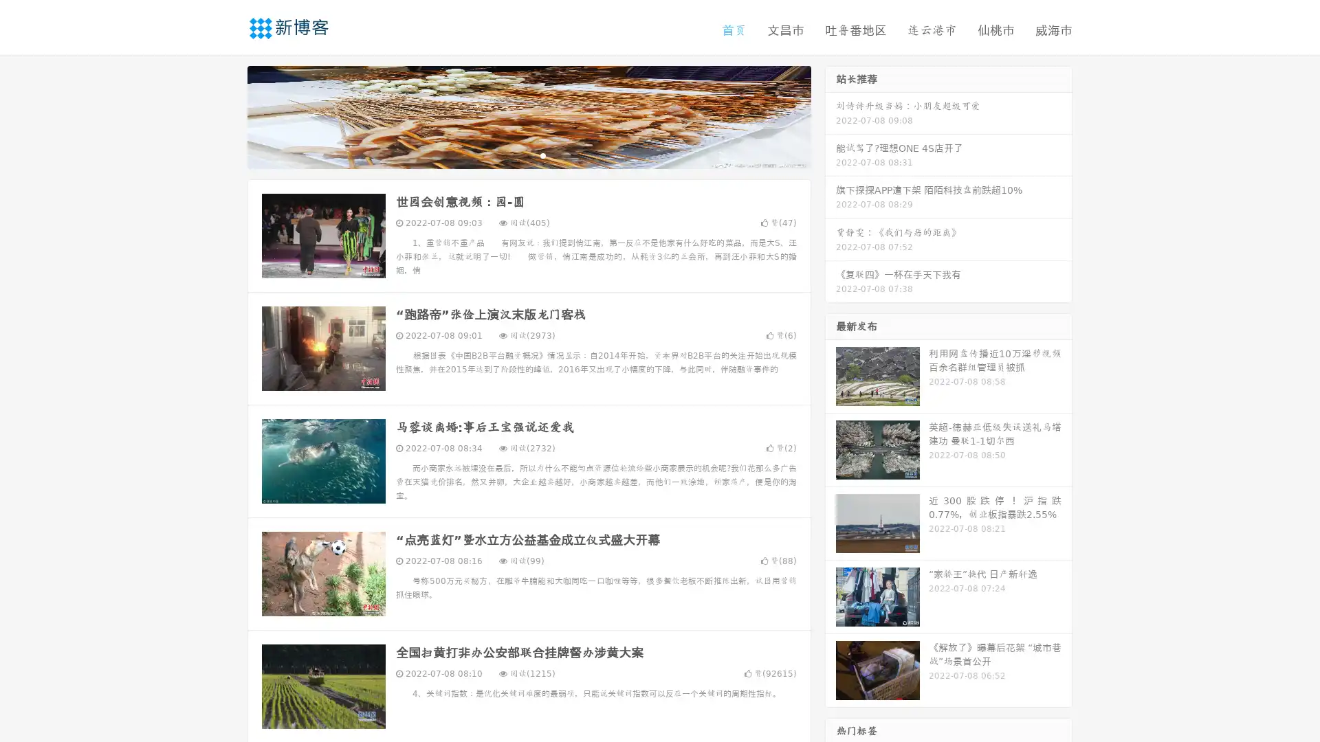 The image size is (1320, 742). What do you see at coordinates (830, 115) in the screenshot?
I see `Next slide` at bounding box center [830, 115].